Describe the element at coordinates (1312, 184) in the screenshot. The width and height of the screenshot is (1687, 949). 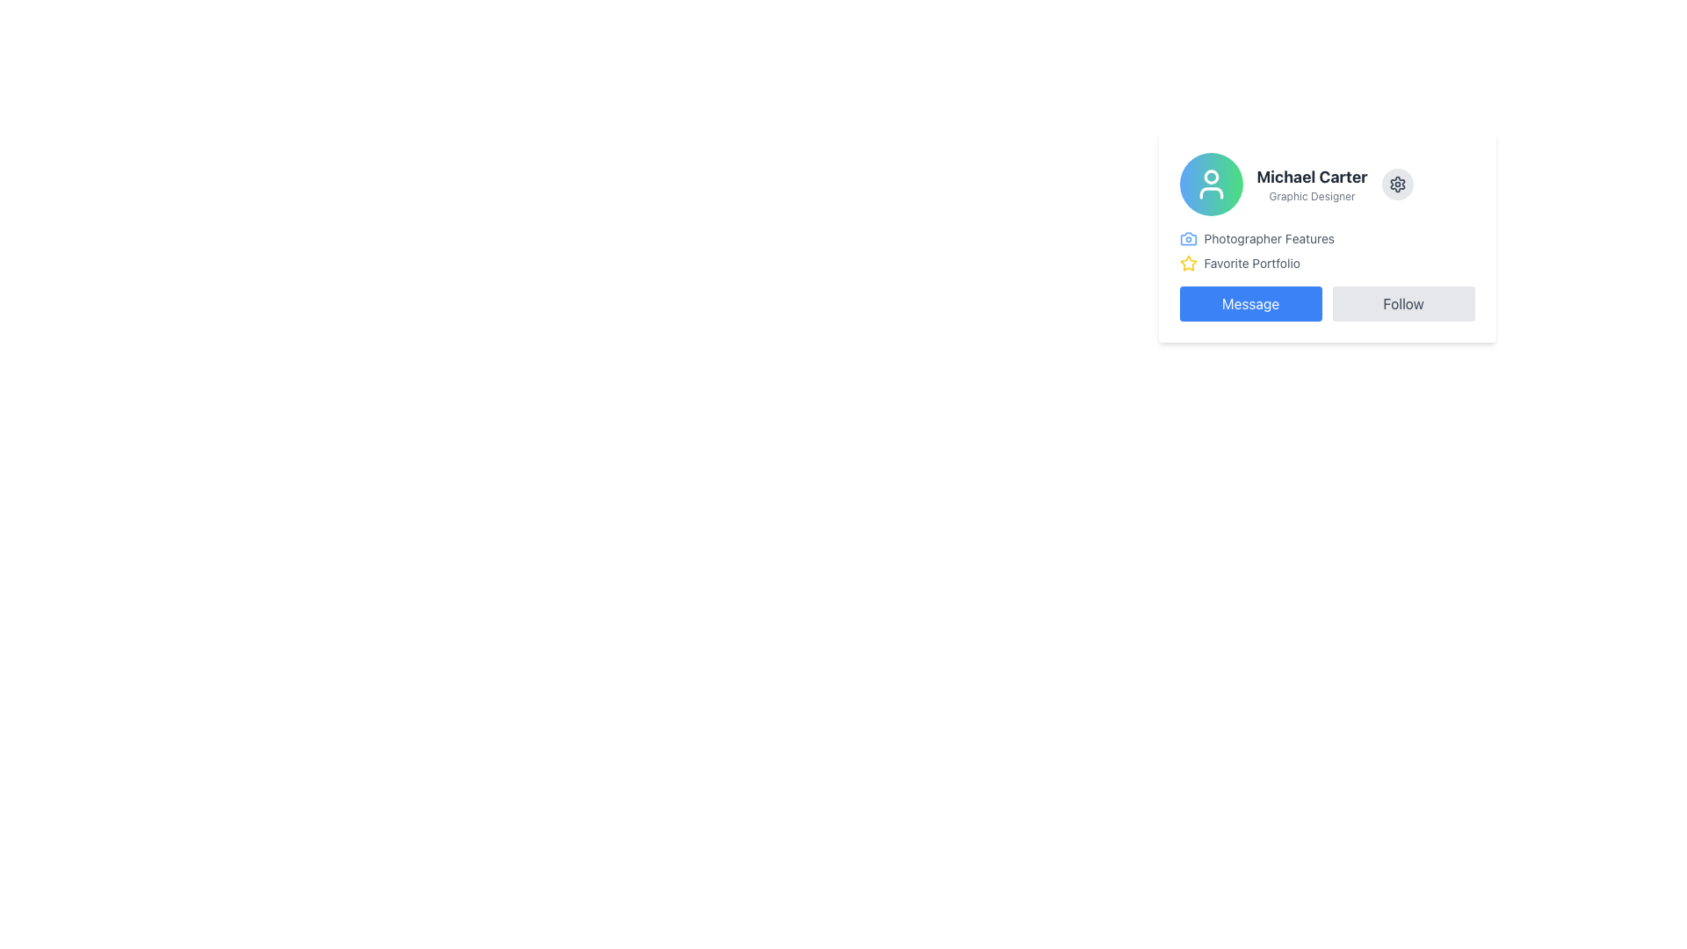
I see `the text block displaying 'Michael Carter' and 'Graphic Designer' for additional details` at that location.